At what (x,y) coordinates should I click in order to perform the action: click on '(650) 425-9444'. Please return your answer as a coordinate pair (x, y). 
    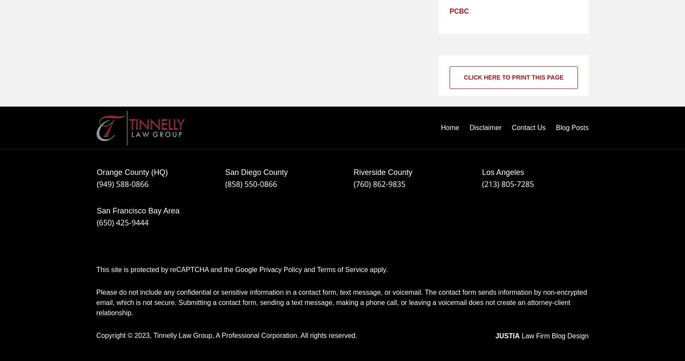
    Looking at the image, I should click on (122, 222).